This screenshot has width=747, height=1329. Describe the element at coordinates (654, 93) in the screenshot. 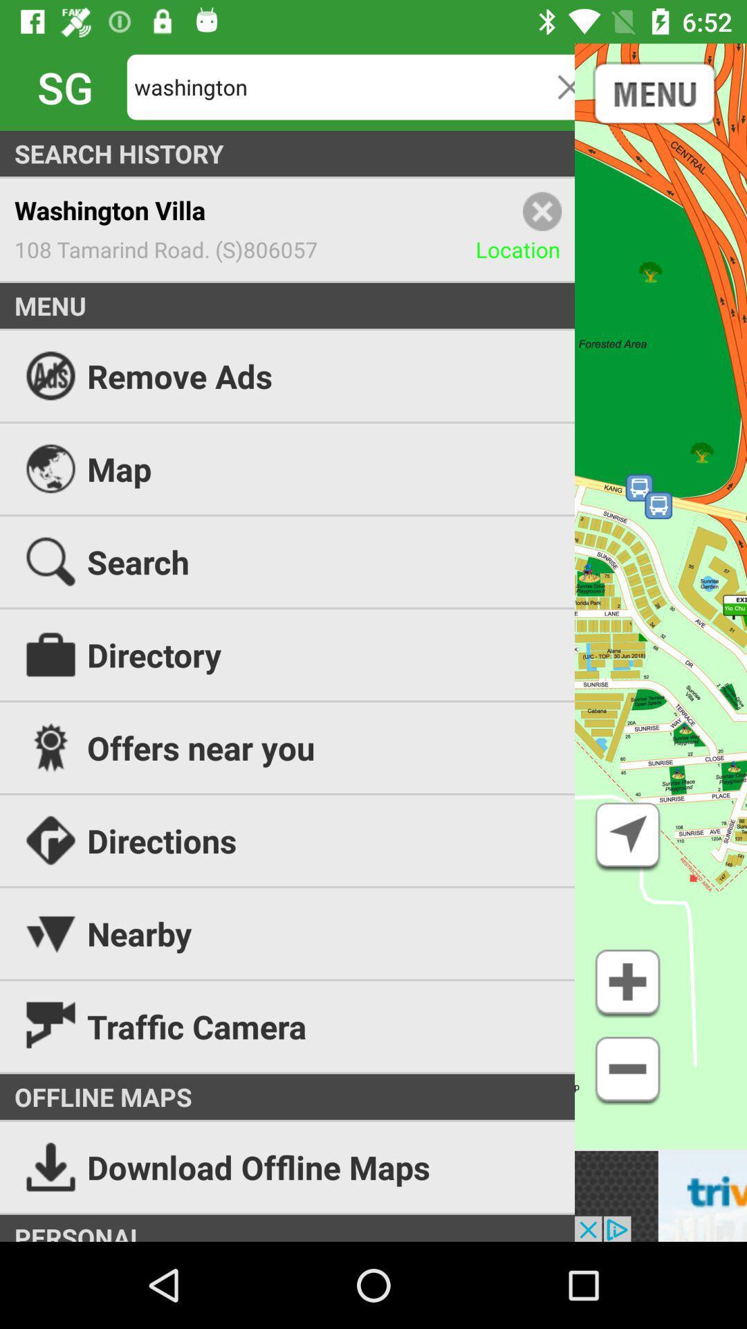

I see `the date_range icon` at that location.